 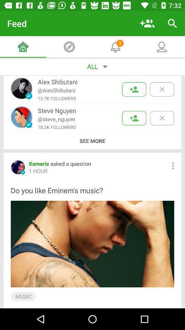 I want to click on item to the right of the feed app, so click(x=147, y=23).